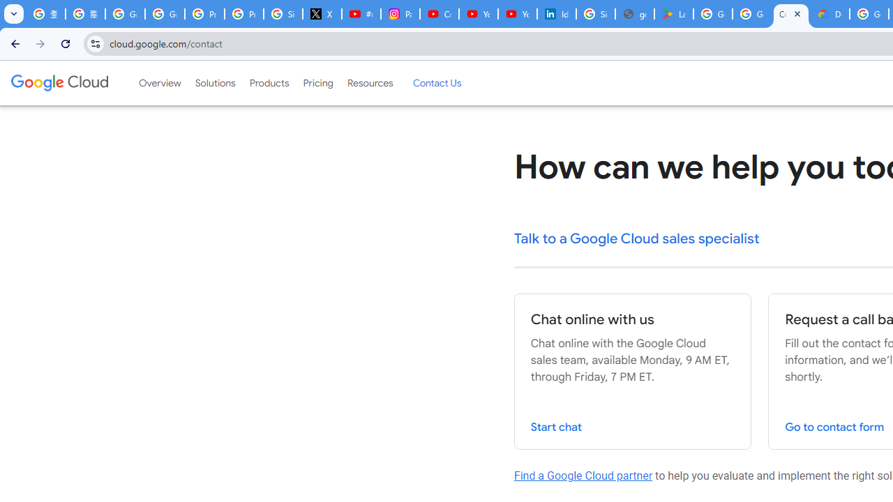  I want to click on 'Contact Us', so click(436, 83).